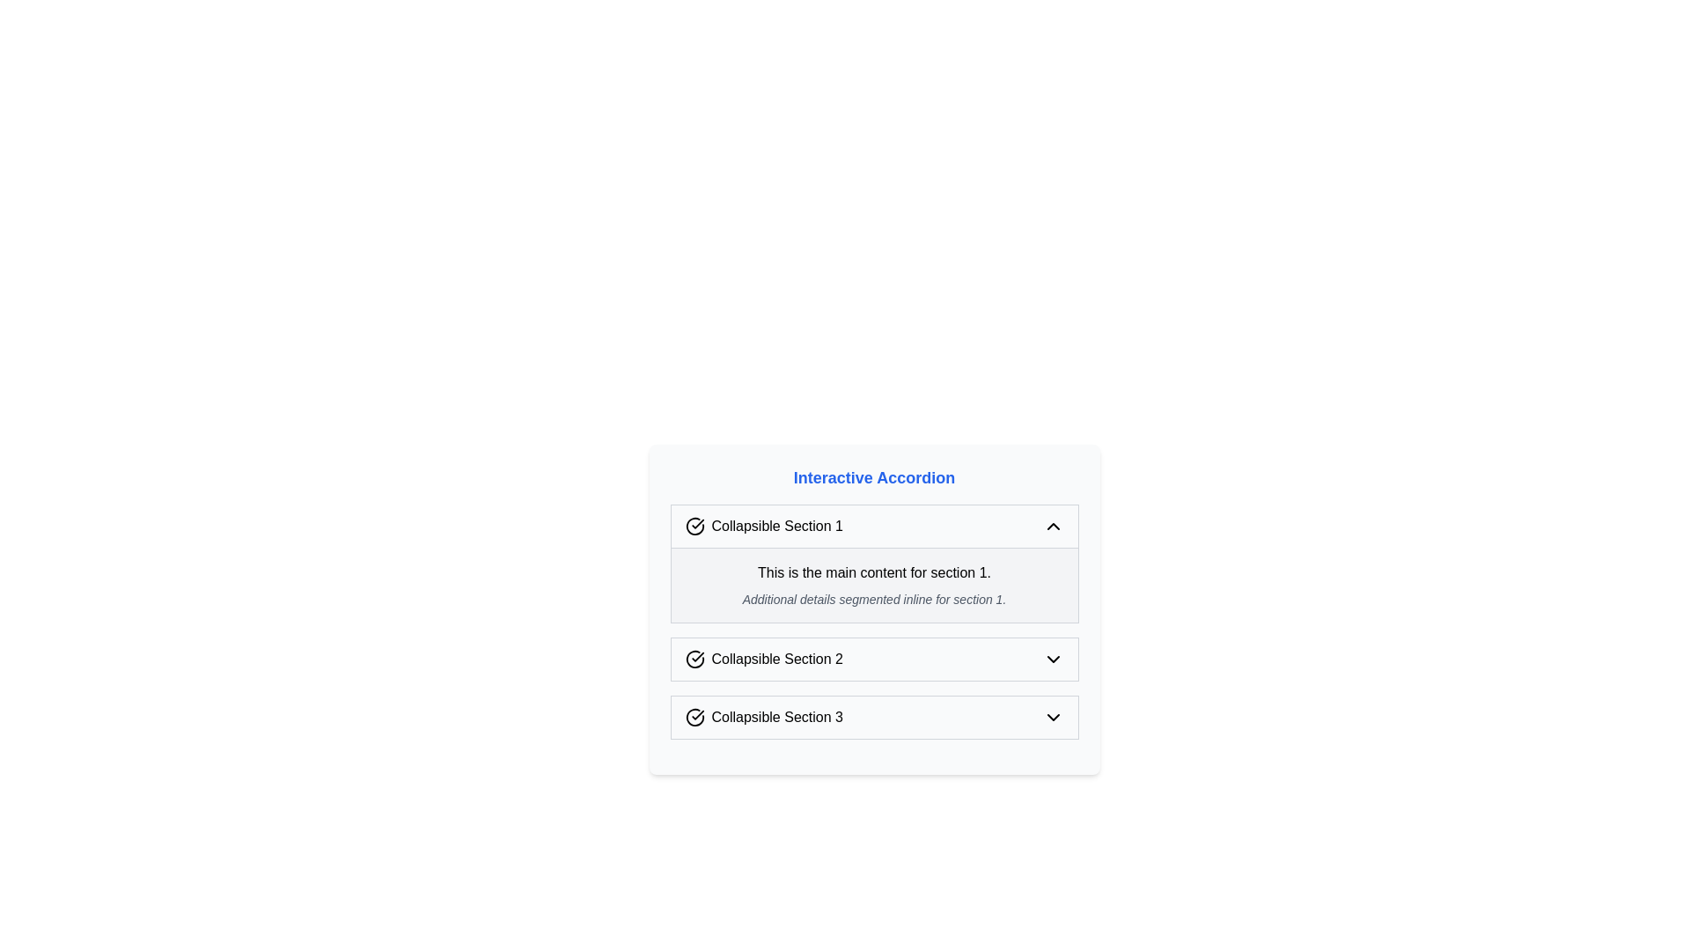  What do you see at coordinates (1053, 659) in the screenshot?
I see `the downward-facing chevron icon, styled in black with no fill, located at the right end of the header of 'Collapsible Section 2'` at bounding box center [1053, 659].